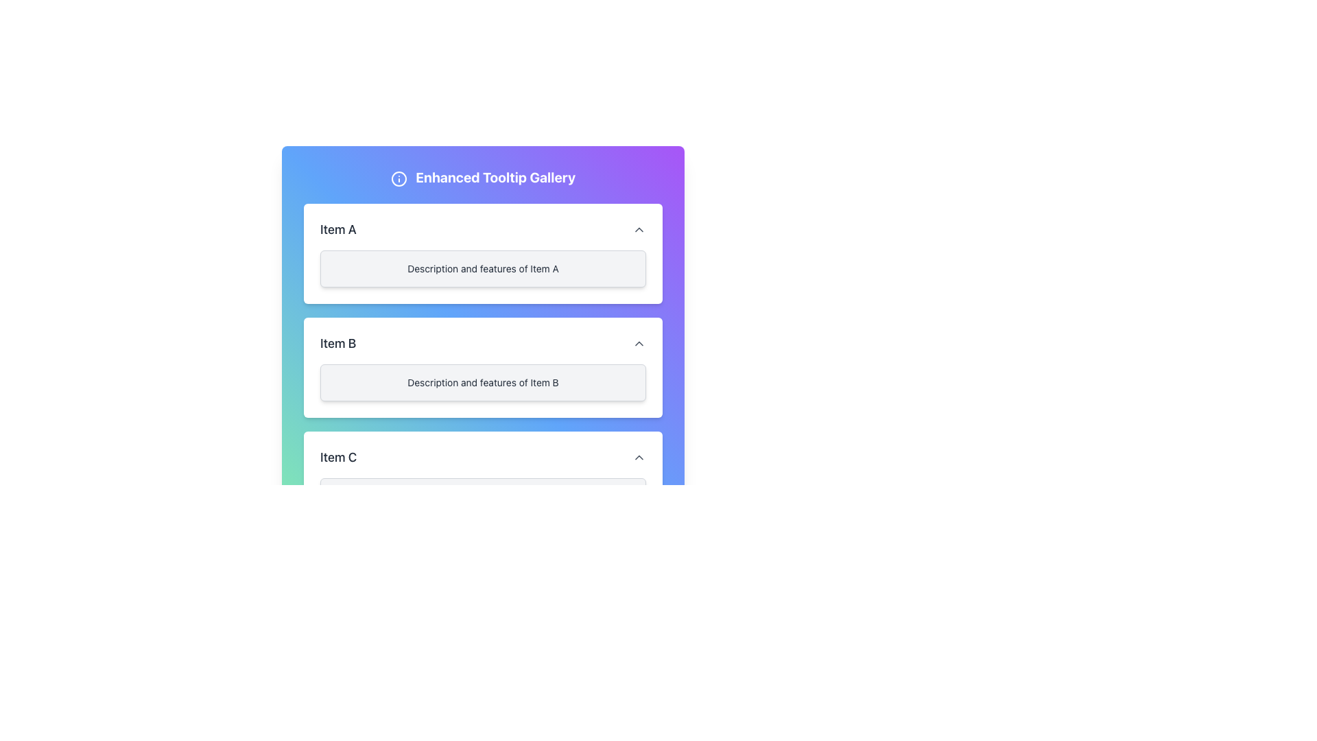 The height and width of the screenshot is (741, 1317). What do you see at coordinates (638, 458) in the screenshot?
I see `the button with an upward chevron icon located to the far right of the 'Item C' label` at bounding box center [638, 458].